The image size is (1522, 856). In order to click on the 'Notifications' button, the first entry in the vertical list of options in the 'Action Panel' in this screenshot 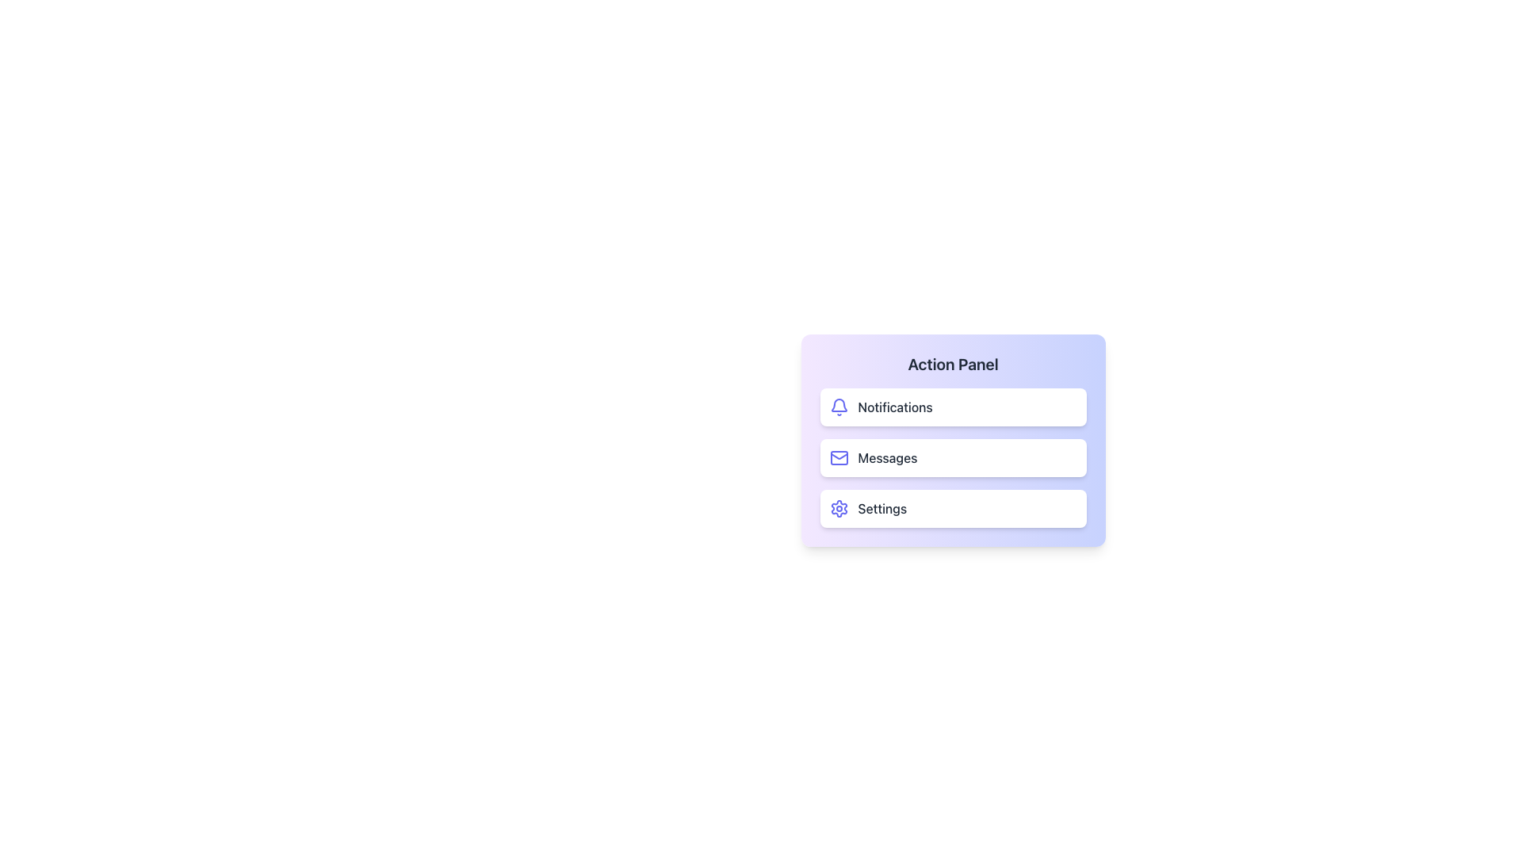, I will do `click(952, 406)`.